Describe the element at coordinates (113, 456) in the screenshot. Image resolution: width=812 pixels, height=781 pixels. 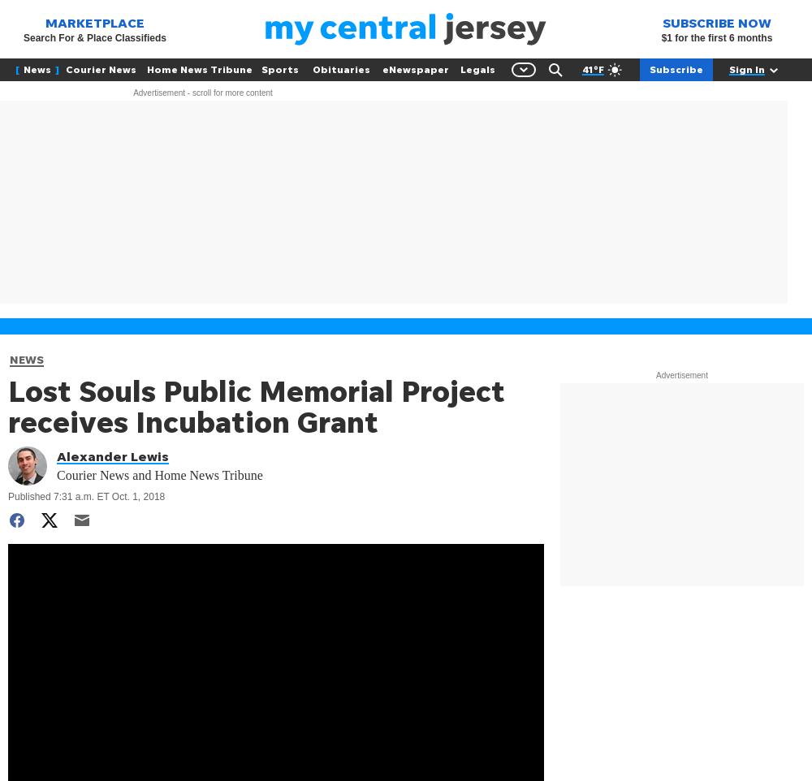
I see `'Alexander Lewis'` at that location.